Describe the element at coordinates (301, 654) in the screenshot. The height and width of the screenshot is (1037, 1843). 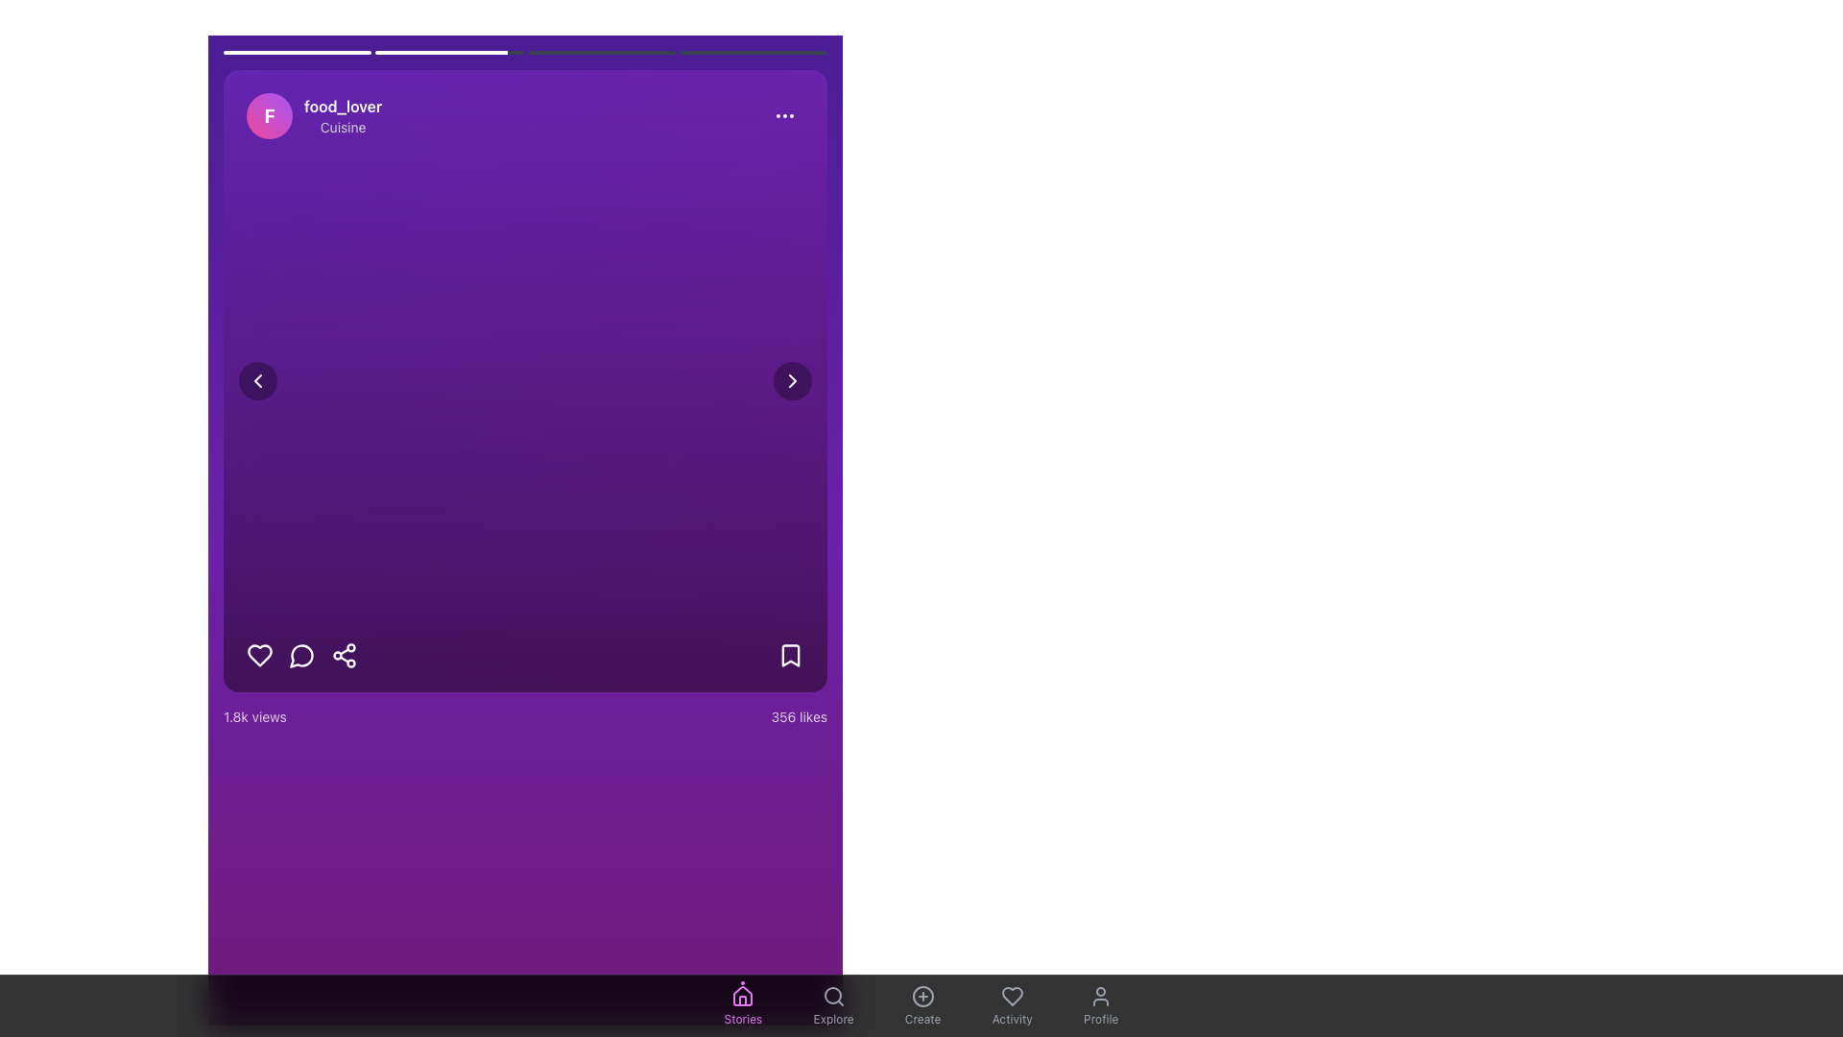
I see `the middle icon button resembling a speech bubble in the lower section of the main content area` at that location.